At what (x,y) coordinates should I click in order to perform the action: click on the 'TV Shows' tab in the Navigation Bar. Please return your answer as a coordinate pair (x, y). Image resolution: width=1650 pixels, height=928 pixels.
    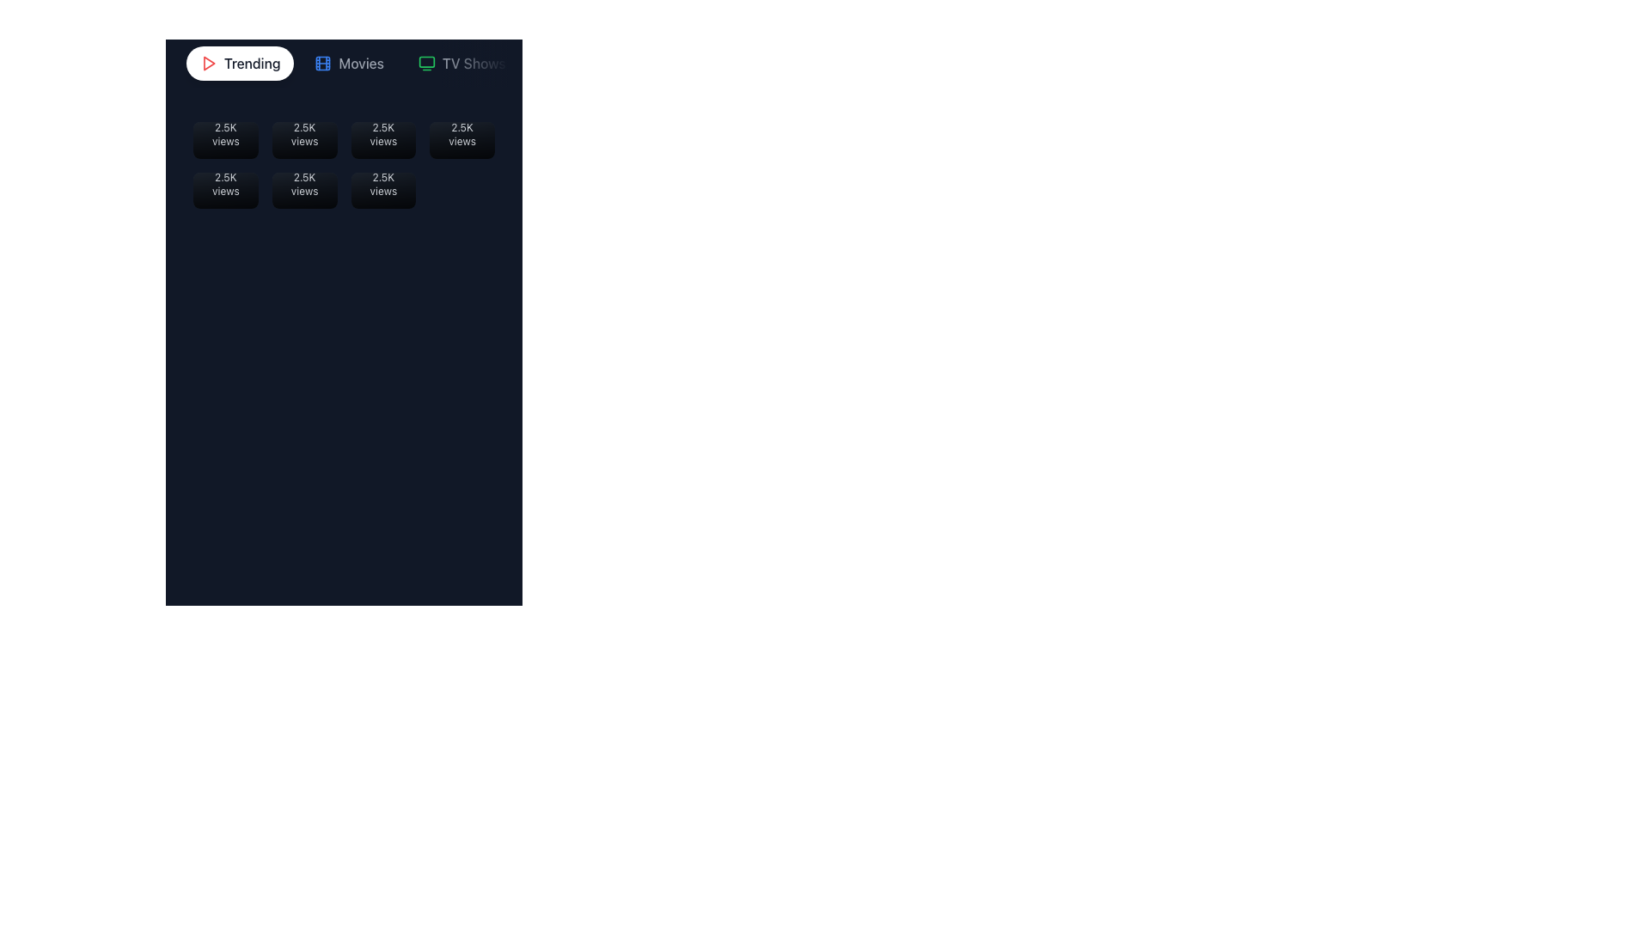
    Looking at the image, I should click on (344, 62).